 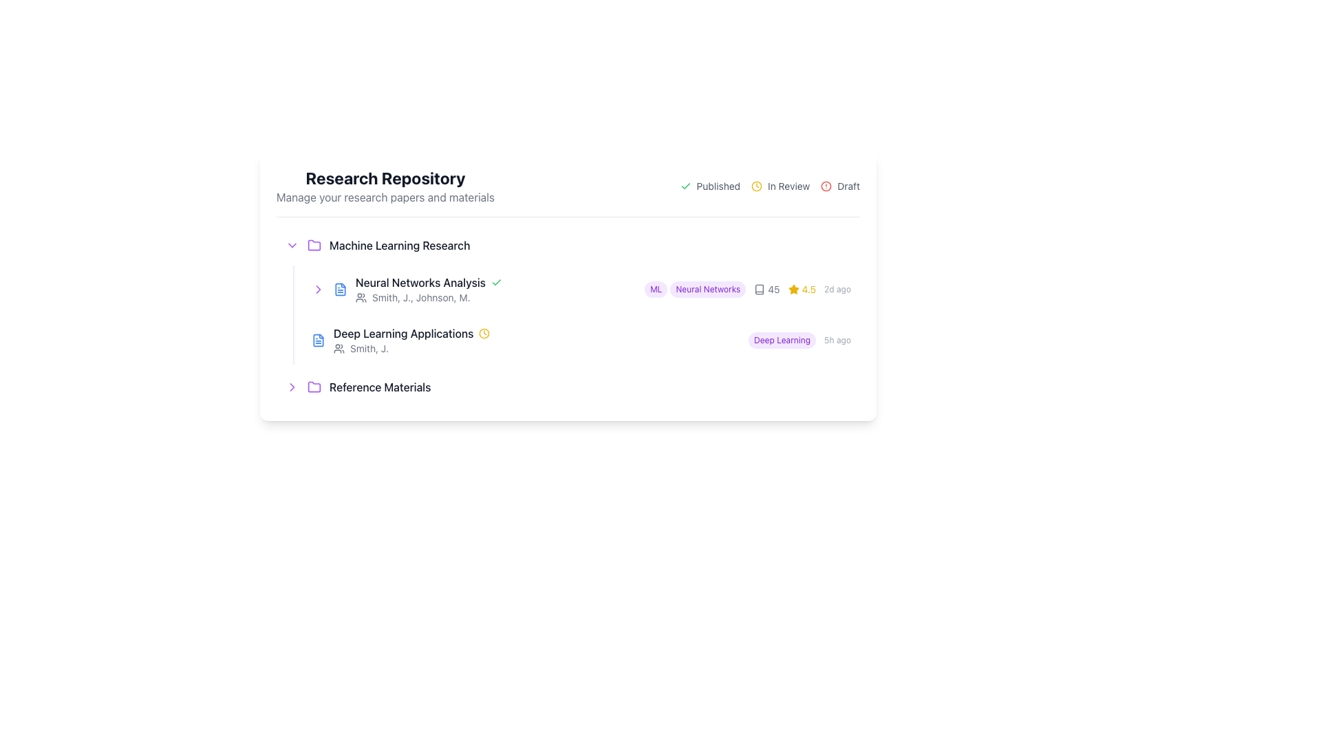 I want to click on the first entry of the 'Machine Learning Research' section, so click(x=568, y=296).